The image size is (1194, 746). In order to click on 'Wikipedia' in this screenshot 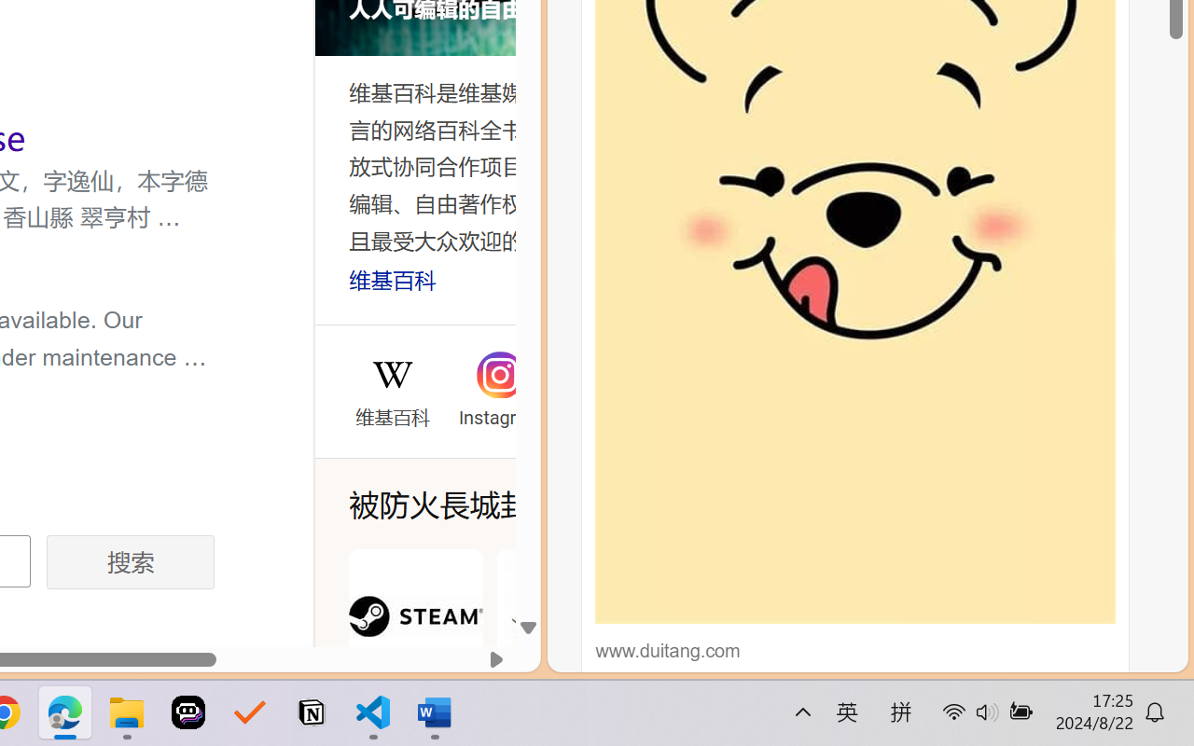, I will do `click(390, 375)`.